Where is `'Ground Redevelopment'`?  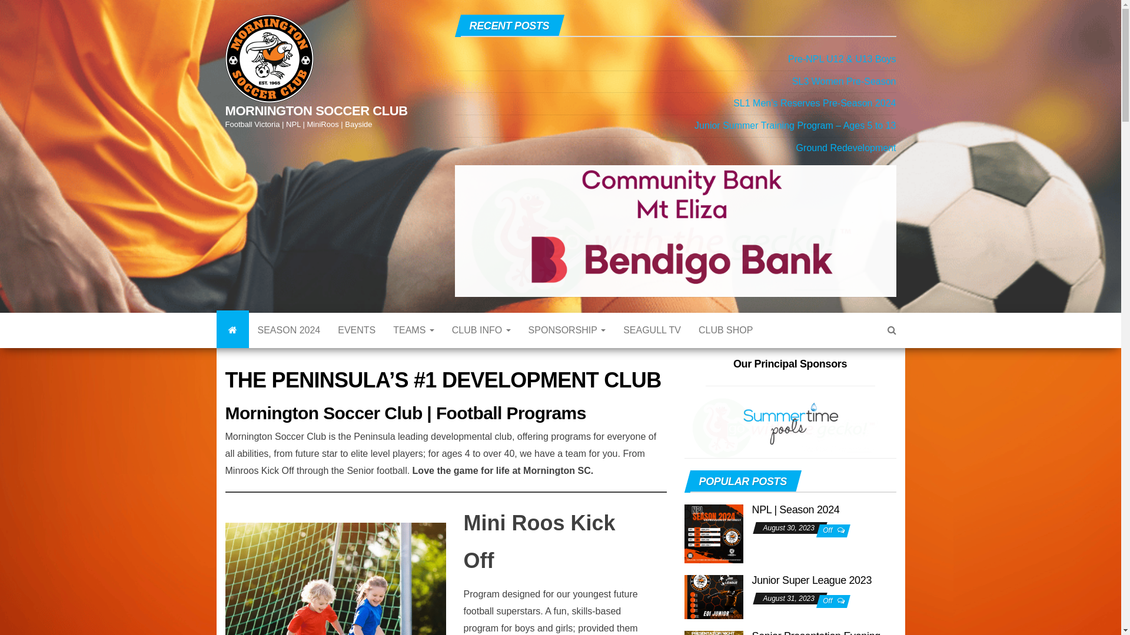 'Ground Redevelopment' is located at coordinates (846, 147).